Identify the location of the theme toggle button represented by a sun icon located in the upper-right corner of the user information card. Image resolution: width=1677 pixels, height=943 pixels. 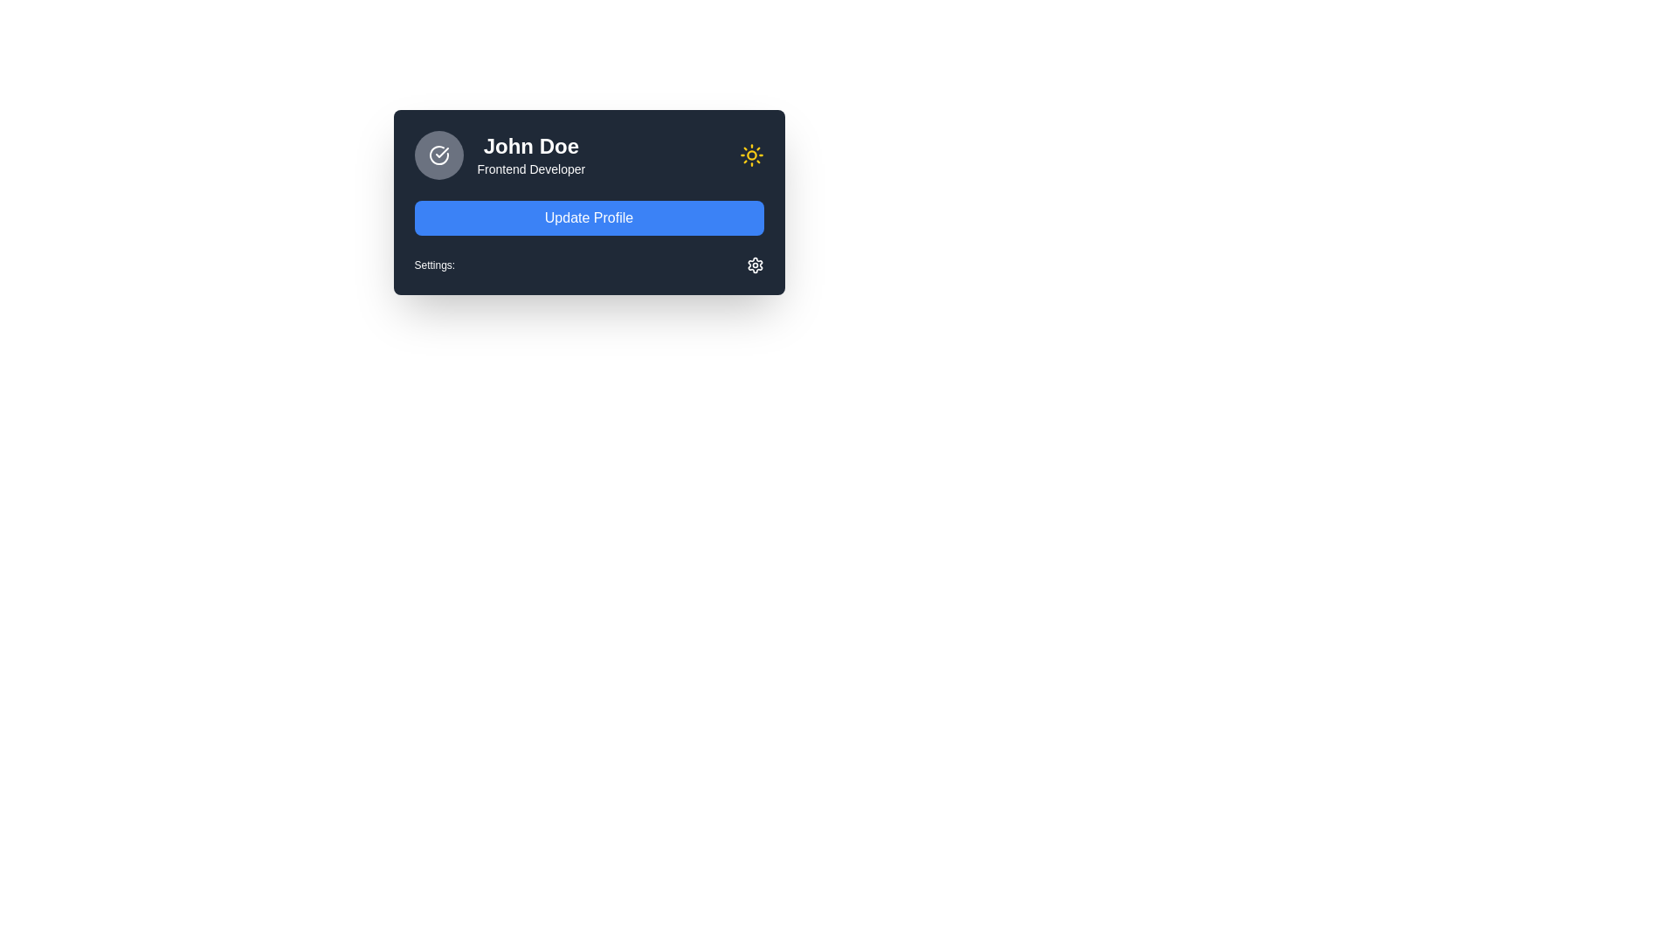
(751, 154).